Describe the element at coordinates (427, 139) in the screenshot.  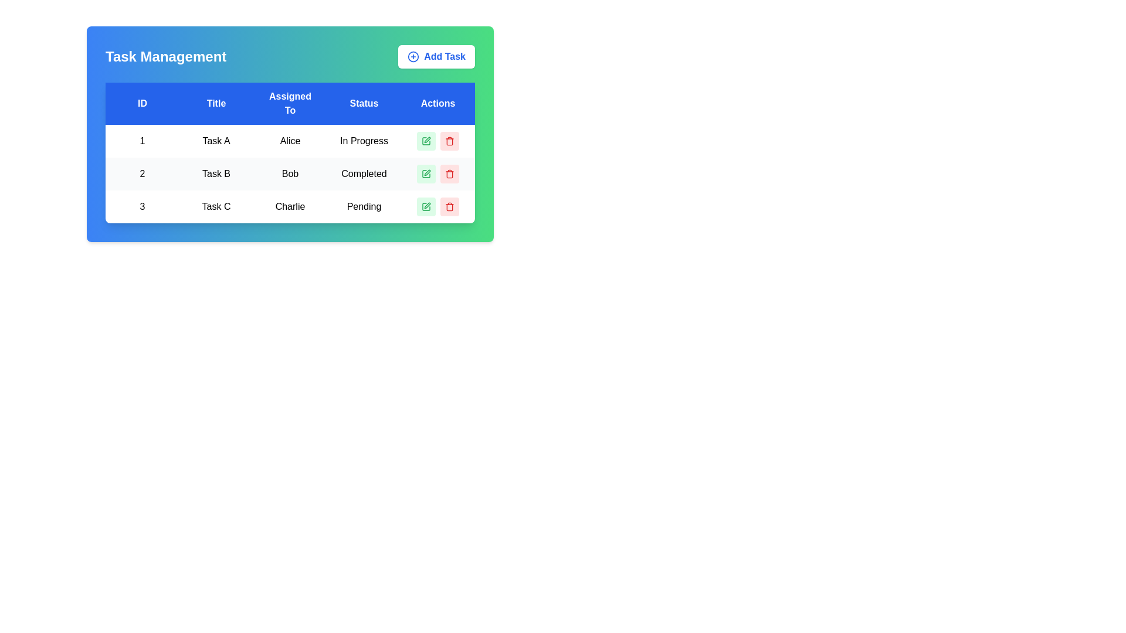
I see `the edit icon in the Actions column of the first row of the table` at that location.